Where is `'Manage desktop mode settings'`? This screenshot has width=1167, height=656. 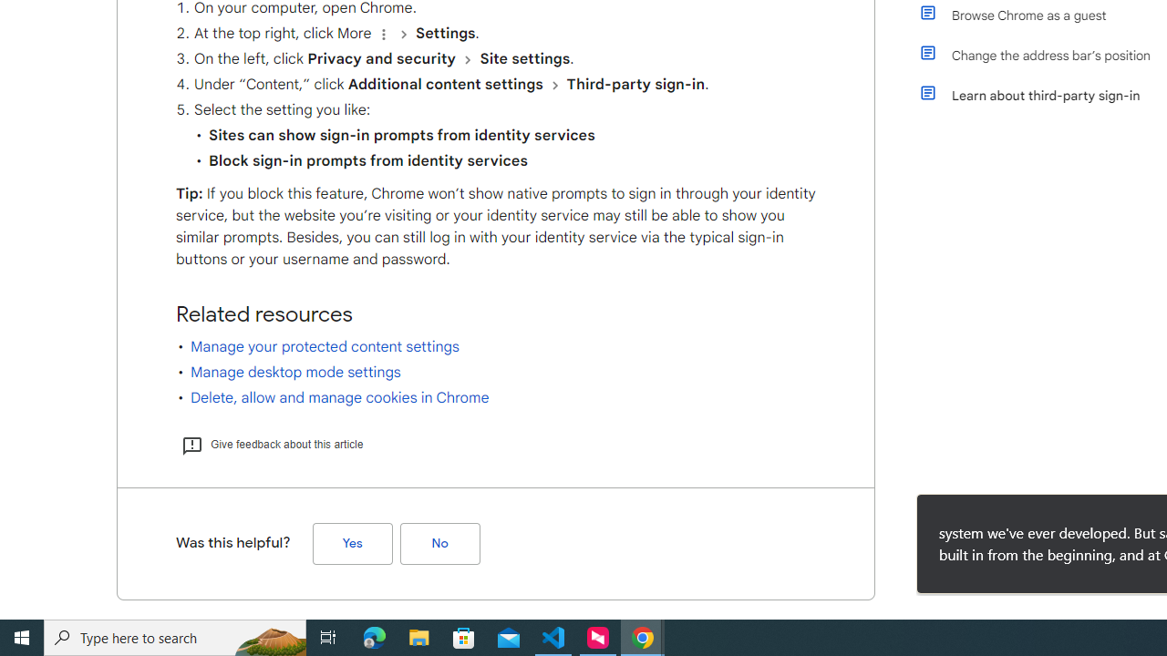 'Manage desktop mode settings' is located at coordinates (295, 371).